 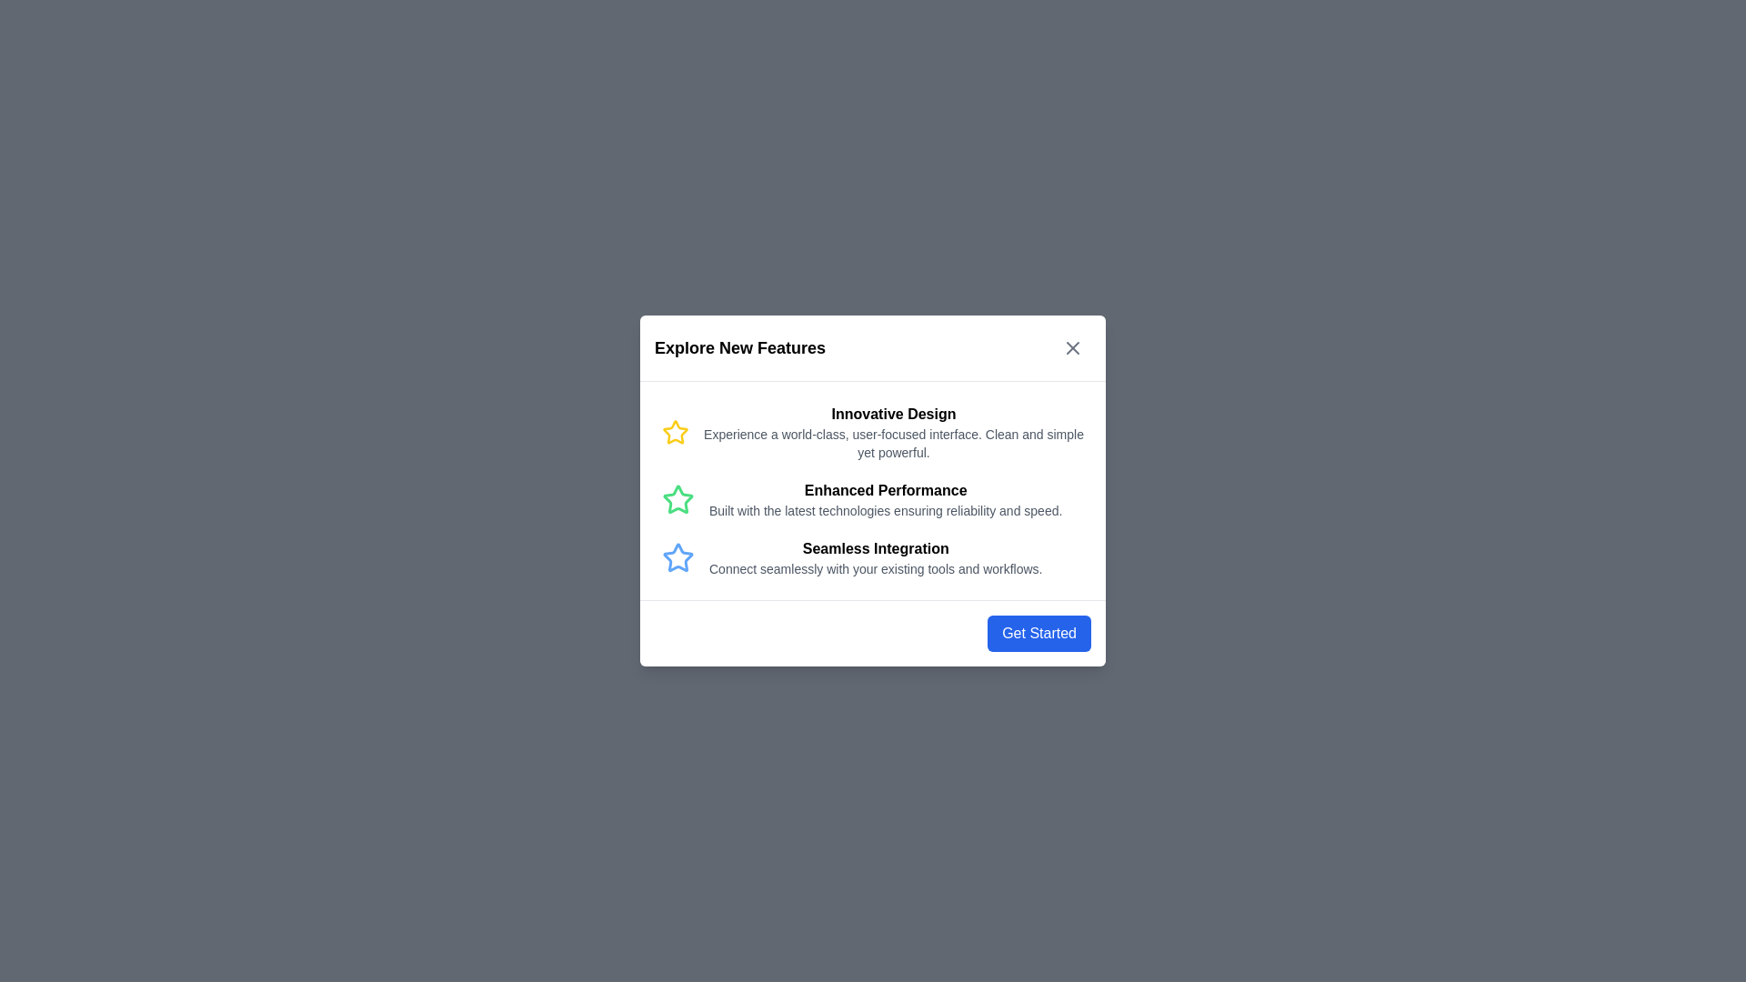 I want to click on the bolded black text label saying 'Enhanced Performance' located in the modal titled 'Explore New Features'. It is the second item in a vertical list, positioned in the top half of the modal, so click(x=886, y=491).